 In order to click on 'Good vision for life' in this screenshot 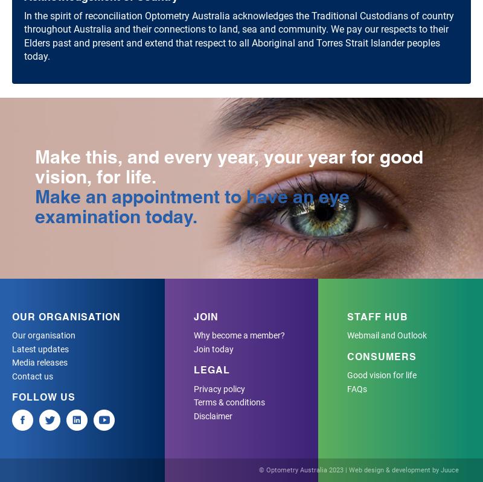, I will do `click(381, 375)`.